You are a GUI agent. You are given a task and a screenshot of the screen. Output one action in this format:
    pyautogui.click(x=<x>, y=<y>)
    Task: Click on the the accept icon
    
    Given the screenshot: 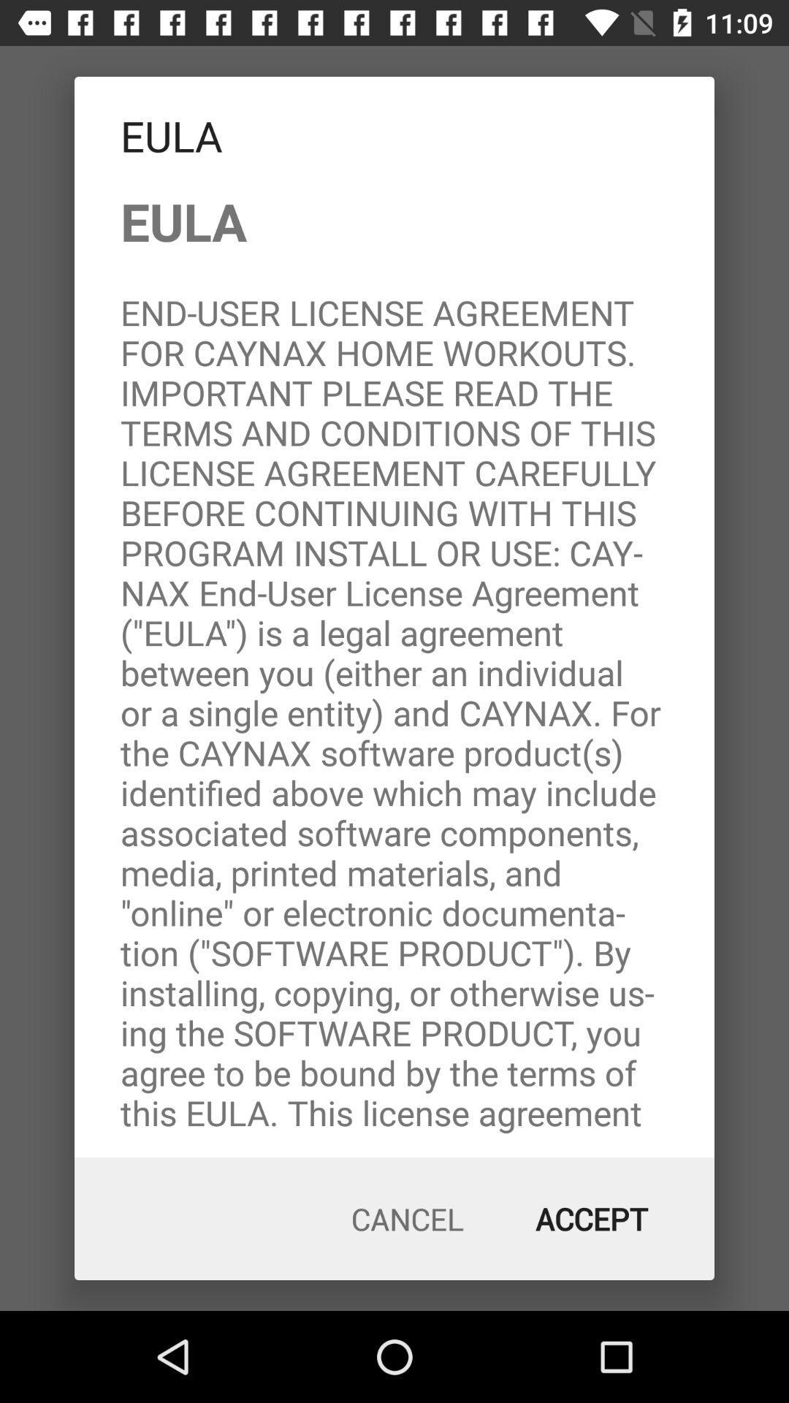 What is the action you would take?
    pyautogui.click(x=592, y=1219)
    